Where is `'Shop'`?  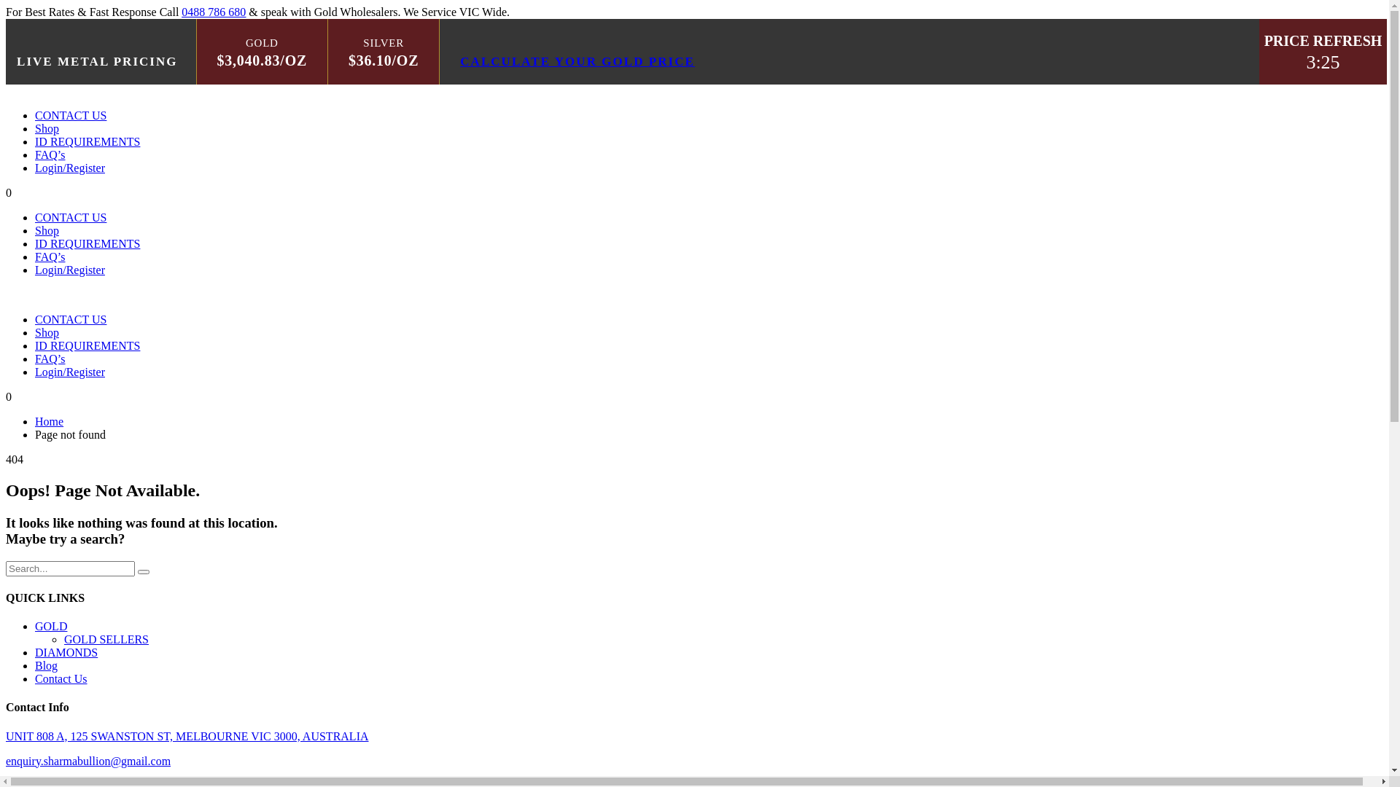
'Shop' is located at coordinates (47, 332).